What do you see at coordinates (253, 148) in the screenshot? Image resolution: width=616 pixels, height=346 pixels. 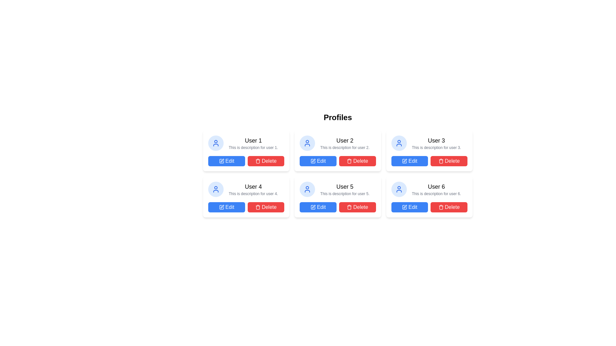 I see `the static text element reading 'This is description for user 1.' which is styled in a small gray font and located directly beneath 'User 1's name` at bounding box center [253, 148].